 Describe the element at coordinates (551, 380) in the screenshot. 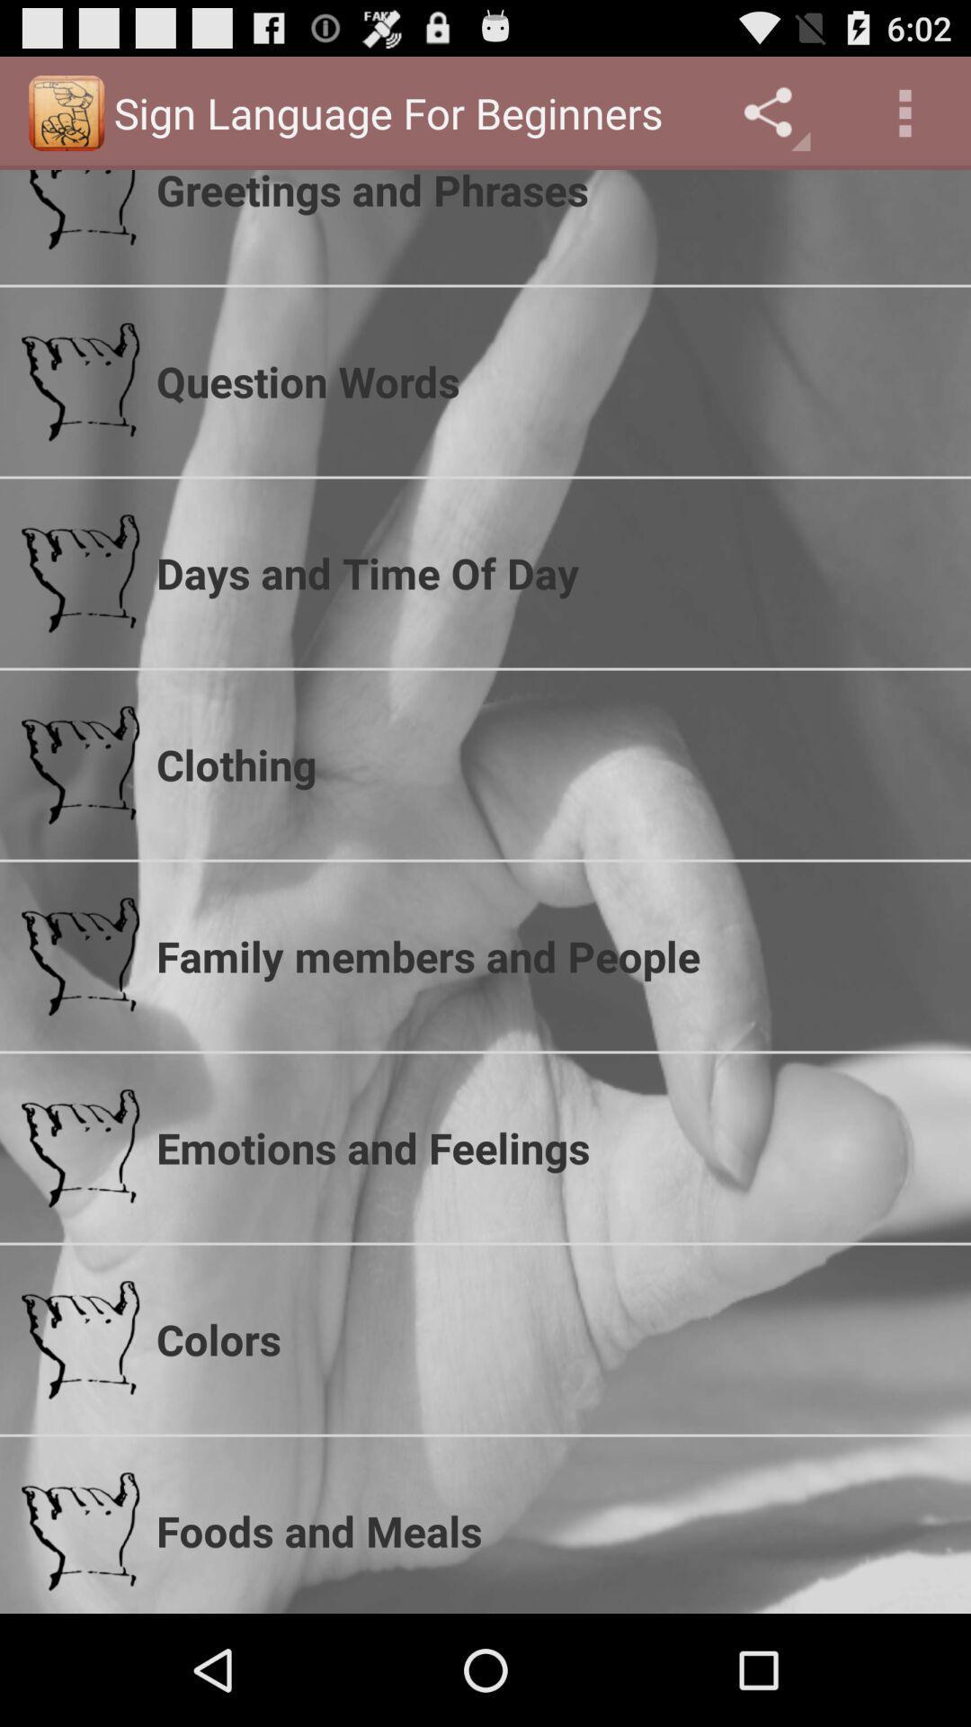

I see `icon above the days and time app` at that location.